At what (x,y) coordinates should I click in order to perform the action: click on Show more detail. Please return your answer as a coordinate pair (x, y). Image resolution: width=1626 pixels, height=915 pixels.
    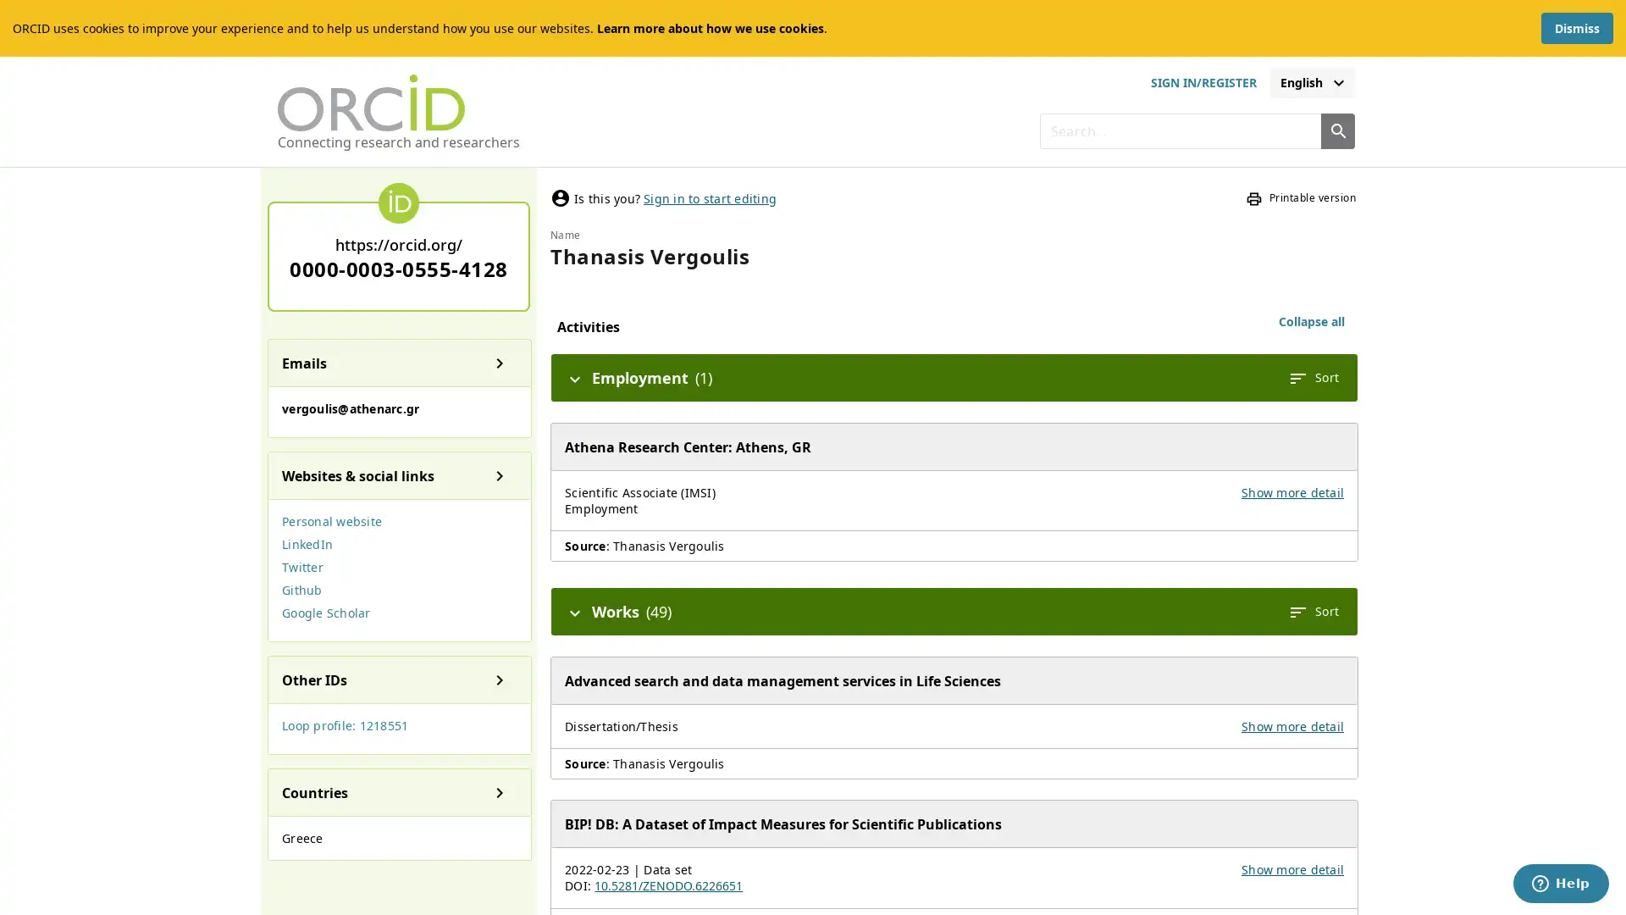
    Looking at the image, I should click on (1291, 869).